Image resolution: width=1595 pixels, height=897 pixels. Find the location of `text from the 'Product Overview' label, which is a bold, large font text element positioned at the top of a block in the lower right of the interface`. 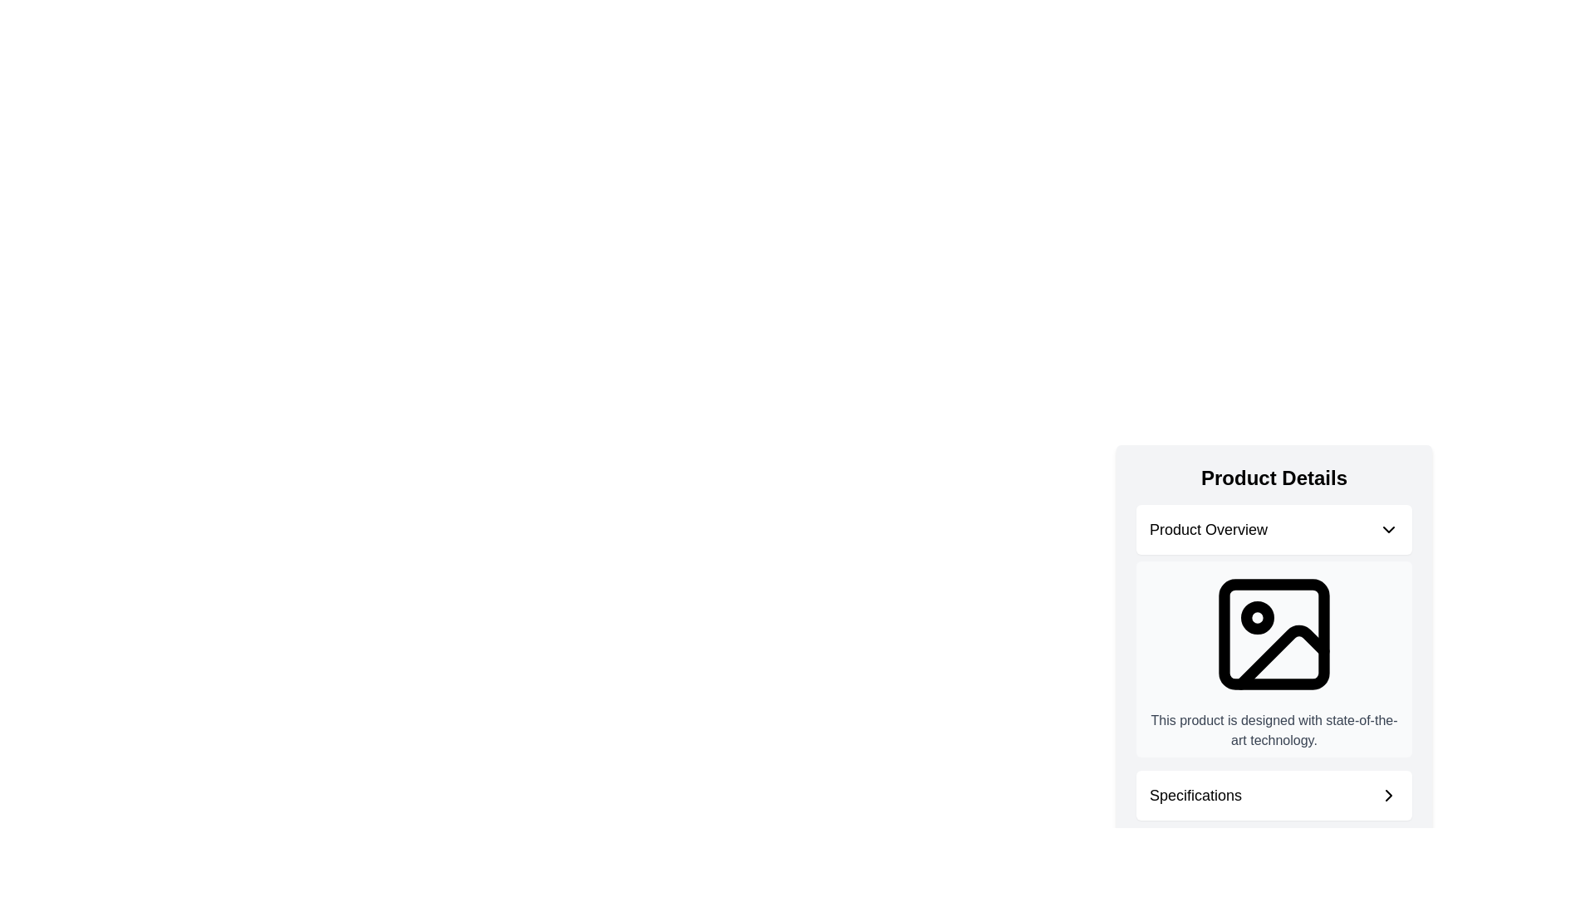

text from the 'Product Overview' label, which is a bold, large font text element positioned at the top of a block in the lower right of the interface is located at coordinates (1208, 529).